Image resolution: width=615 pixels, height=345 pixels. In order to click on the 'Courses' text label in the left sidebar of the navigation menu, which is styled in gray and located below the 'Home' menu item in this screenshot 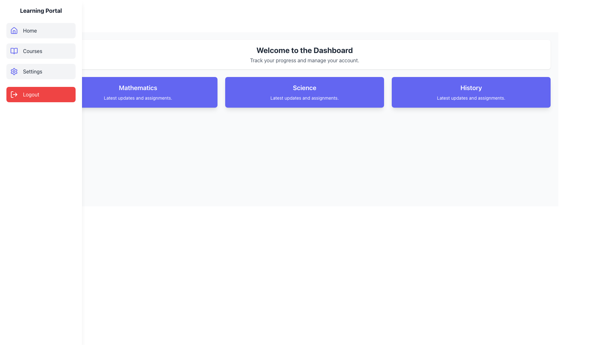, I will do `click(32, 50)`.